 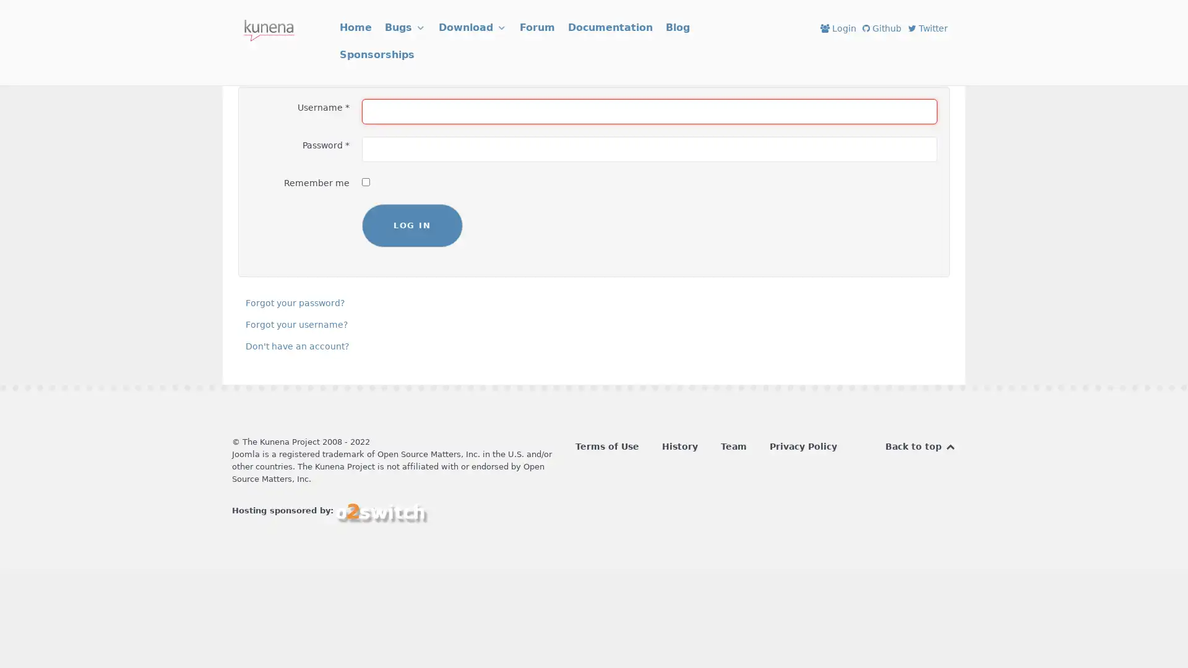 What do you see at coordinates (412, 226) in the screenshot?
I see `LOG IN` at bounding box center [412, 226].